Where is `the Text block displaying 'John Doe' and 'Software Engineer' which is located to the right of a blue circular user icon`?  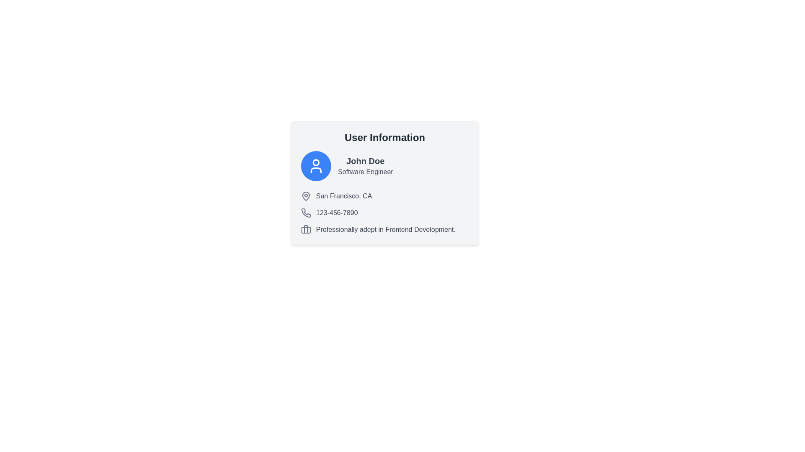 the Text block displaying 'John Doe' and 'Software Engineer' which is located to the right of a blue circular user icon is located at coordinates (365, 166).